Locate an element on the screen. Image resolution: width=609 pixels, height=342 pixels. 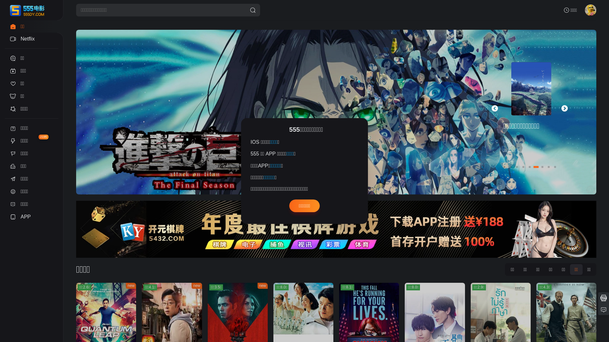
'APP' is located at coordinates (31, 217).